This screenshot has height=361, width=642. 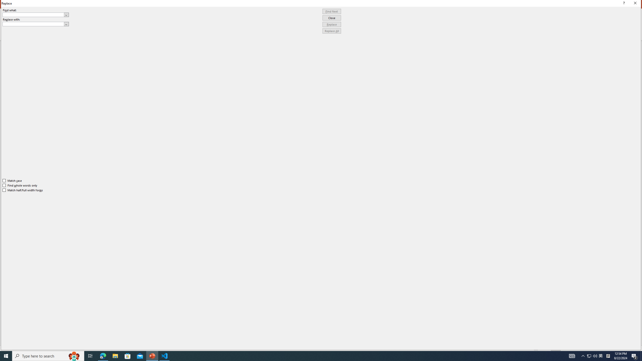 What do you see at coordinates (623, 4) in the screenshot?
I see `'Context help'` at bounding box center [623, 4].